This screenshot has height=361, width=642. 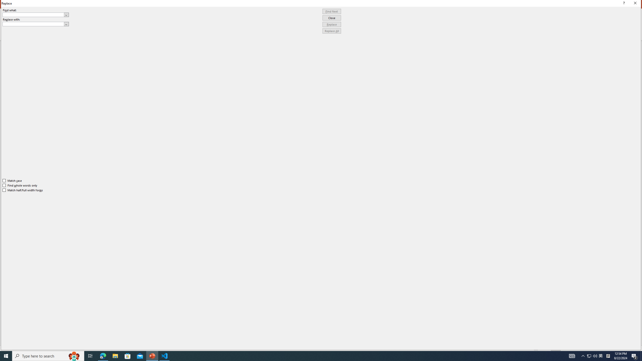 What do you see at coordinates (623, 4) in the screenshot?
I see `'Context help'` at bounding box center [623, 4].